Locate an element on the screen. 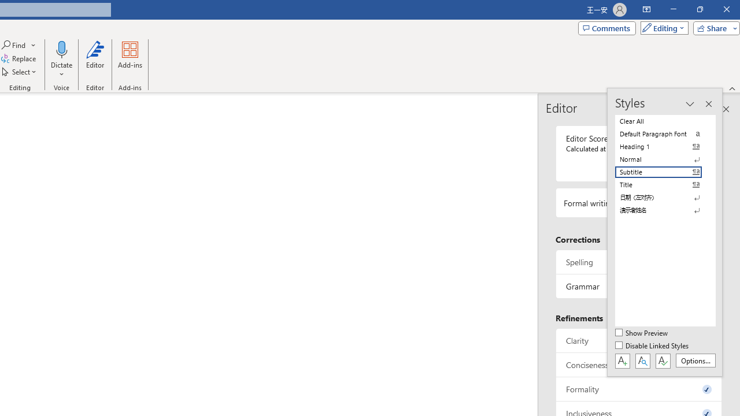  'Title' is located at coordinates (665, 184).